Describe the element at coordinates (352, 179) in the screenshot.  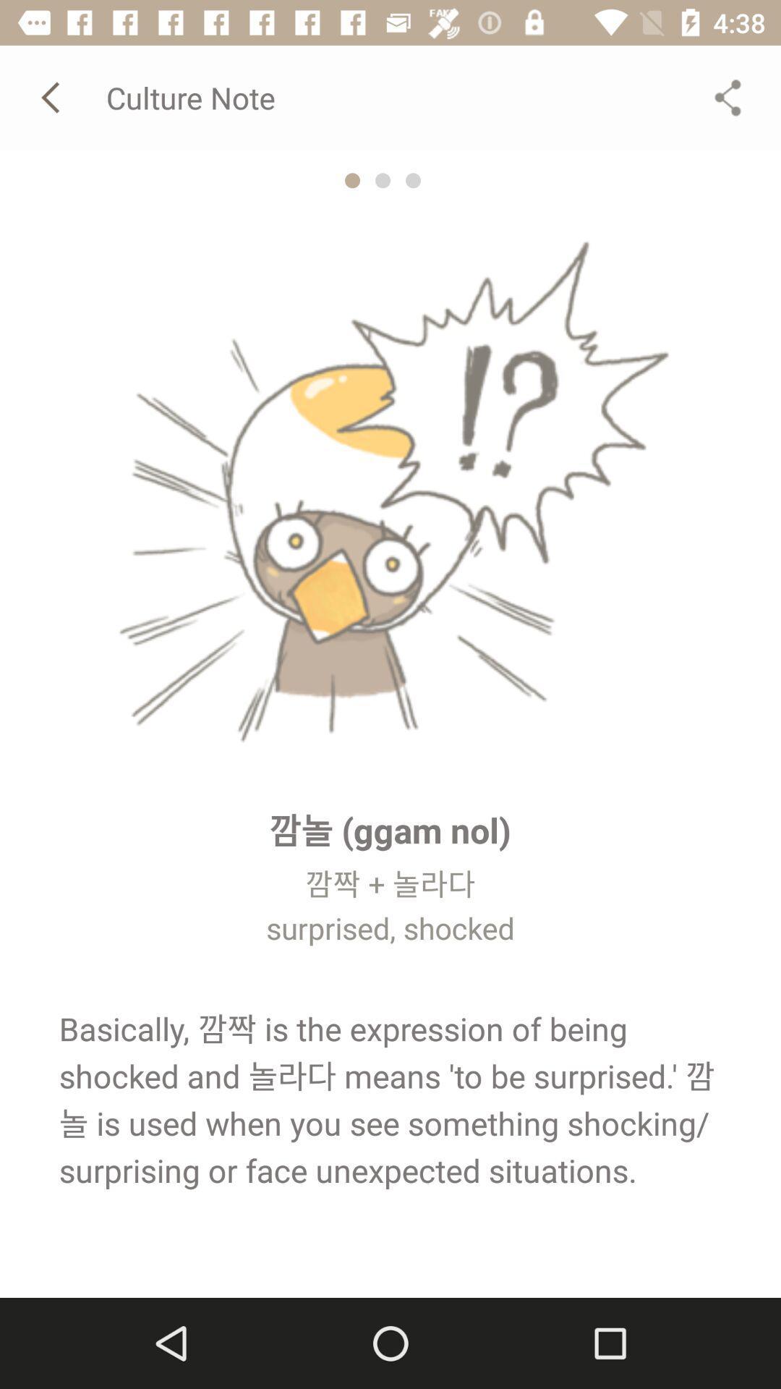
I see `the star icon` at that location.